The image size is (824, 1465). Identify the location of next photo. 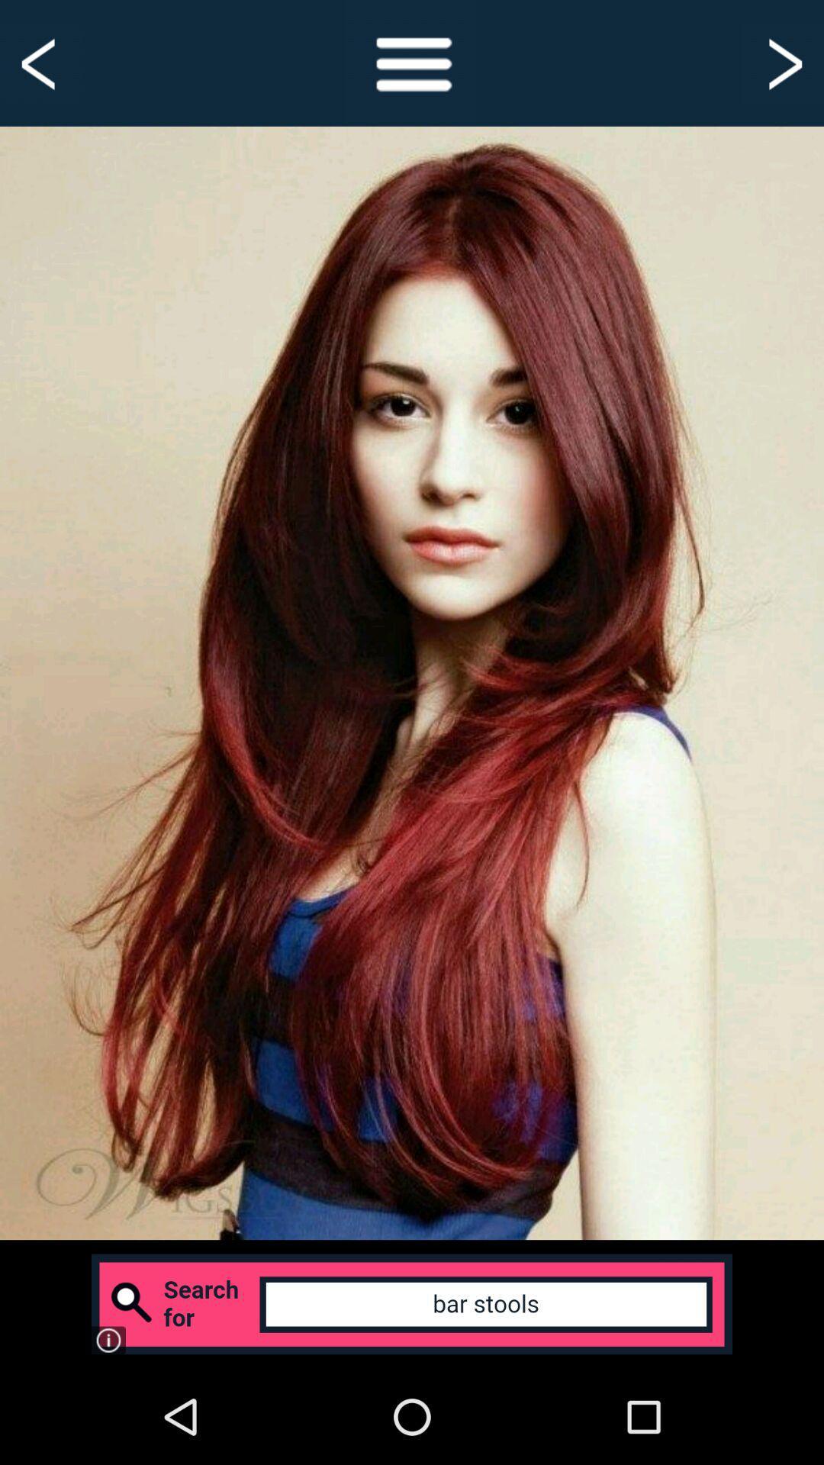
(783, 62).